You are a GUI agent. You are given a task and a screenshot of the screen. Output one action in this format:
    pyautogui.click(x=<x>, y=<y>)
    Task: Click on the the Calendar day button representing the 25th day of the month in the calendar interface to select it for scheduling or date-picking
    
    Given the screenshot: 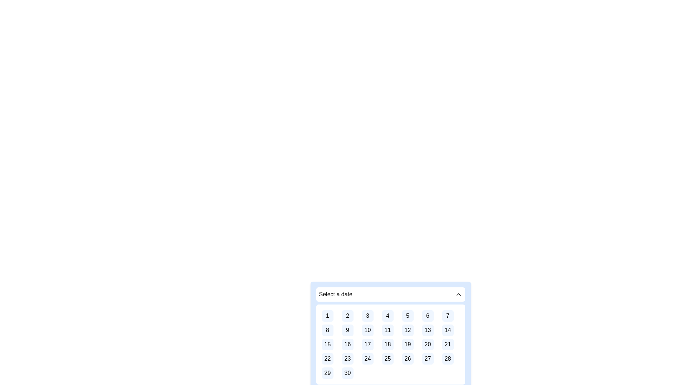 What is the action you would take?
    pyautogui.click(x=387, y=358)
    